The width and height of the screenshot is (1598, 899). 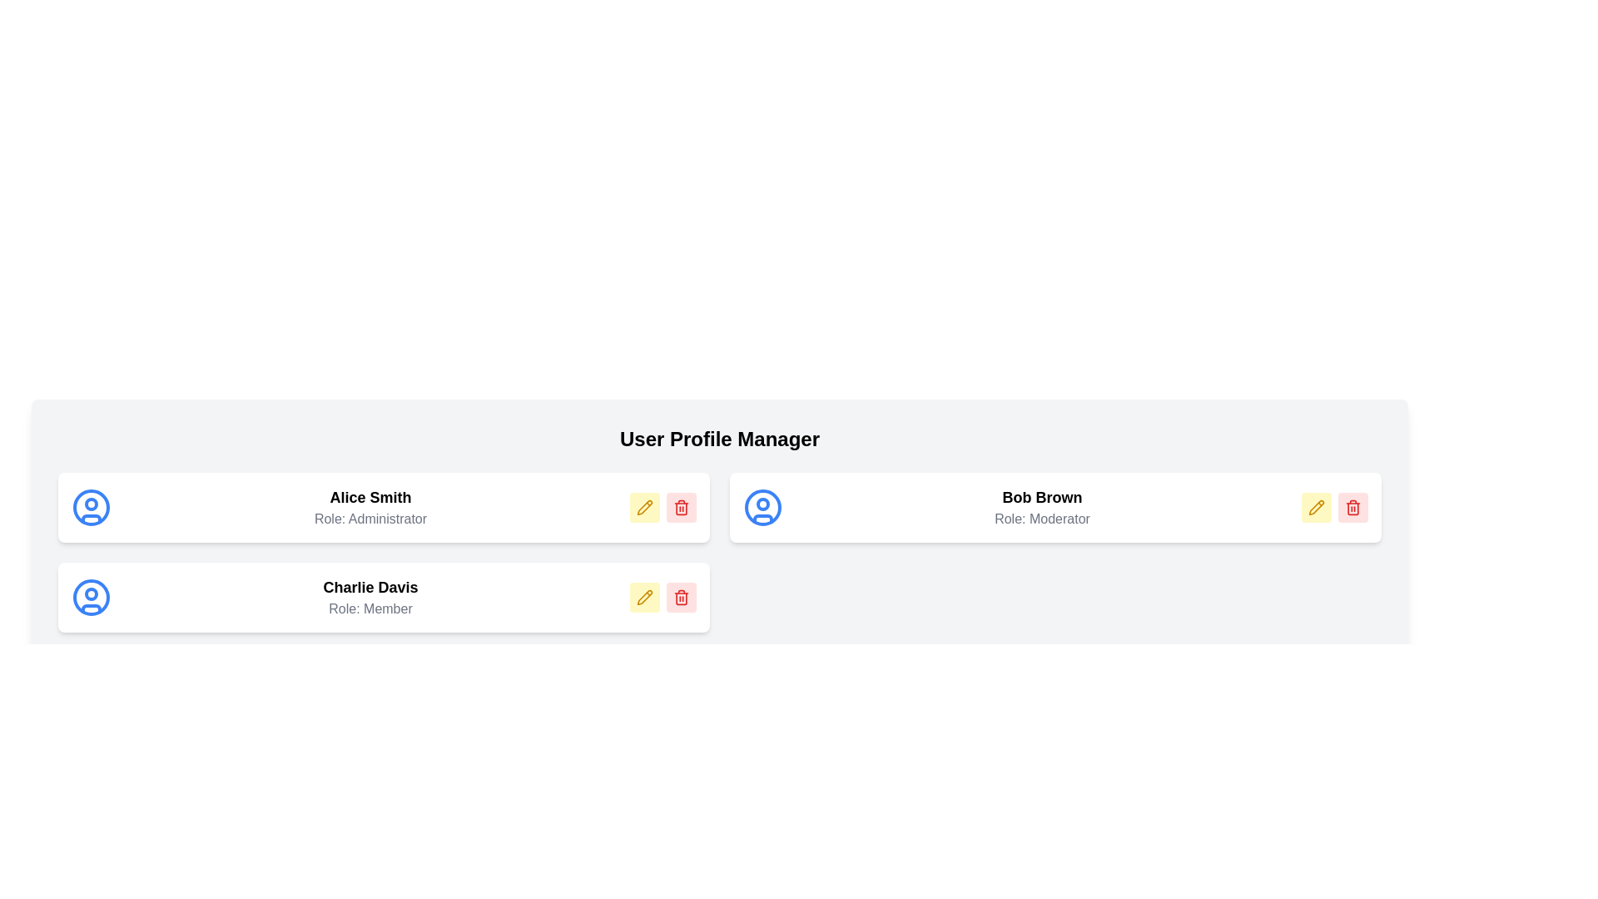 What do you see at coordinates (682, 596) in the screenshot?
I see `the delete icon button styled as a trash can` at bounding box center [682, 596].